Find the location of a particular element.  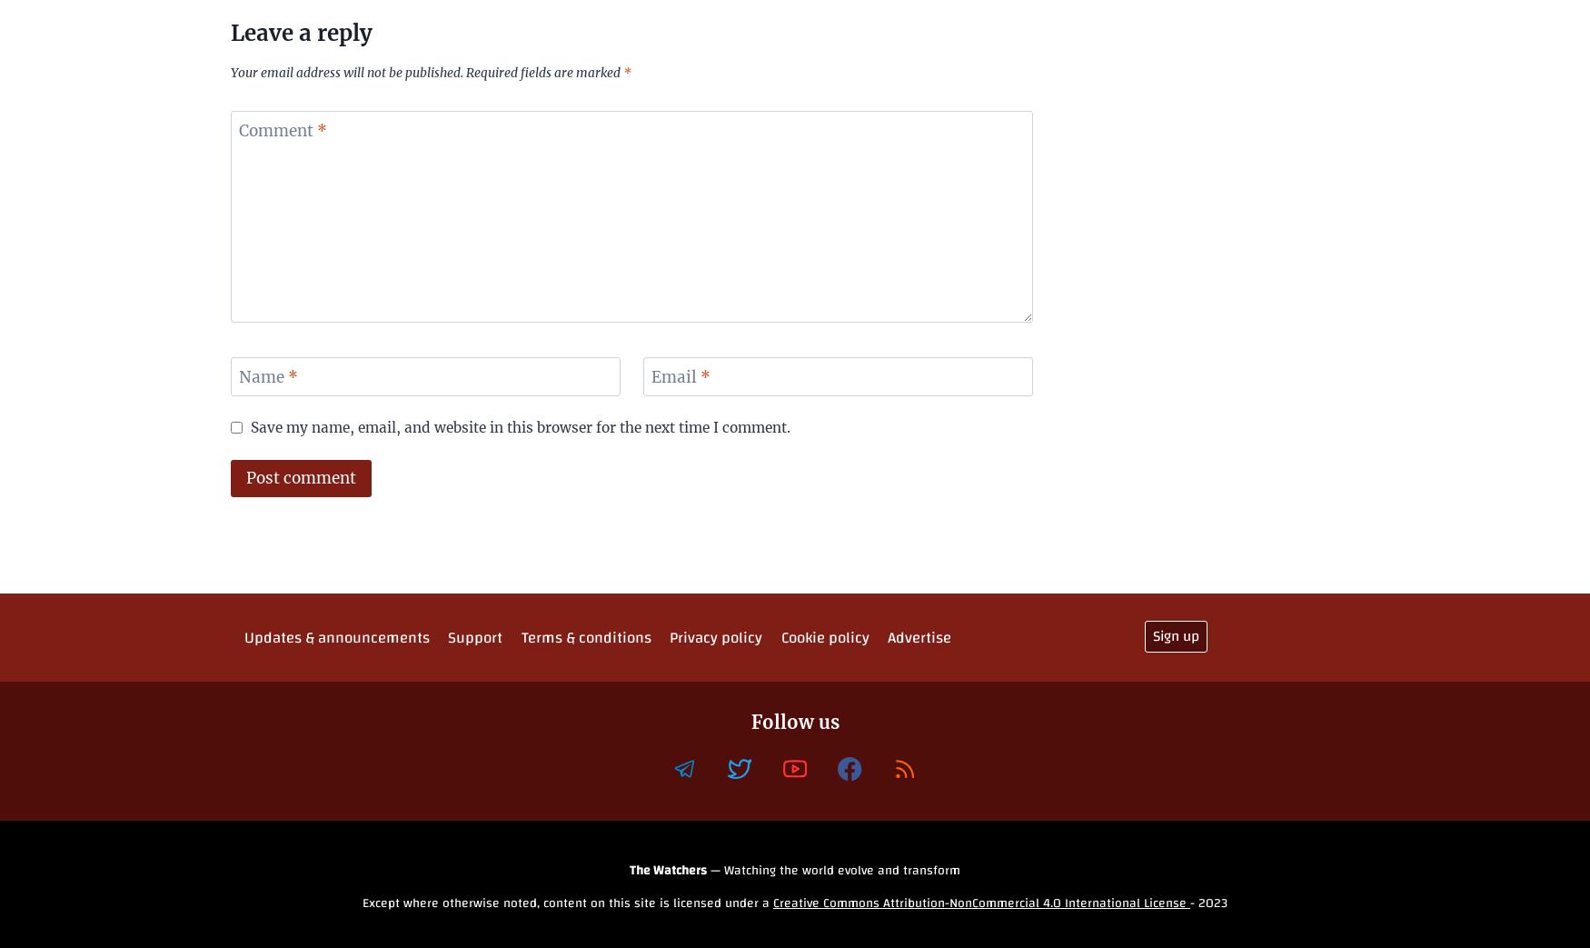

'Name' is located at coordinates (261, 375).